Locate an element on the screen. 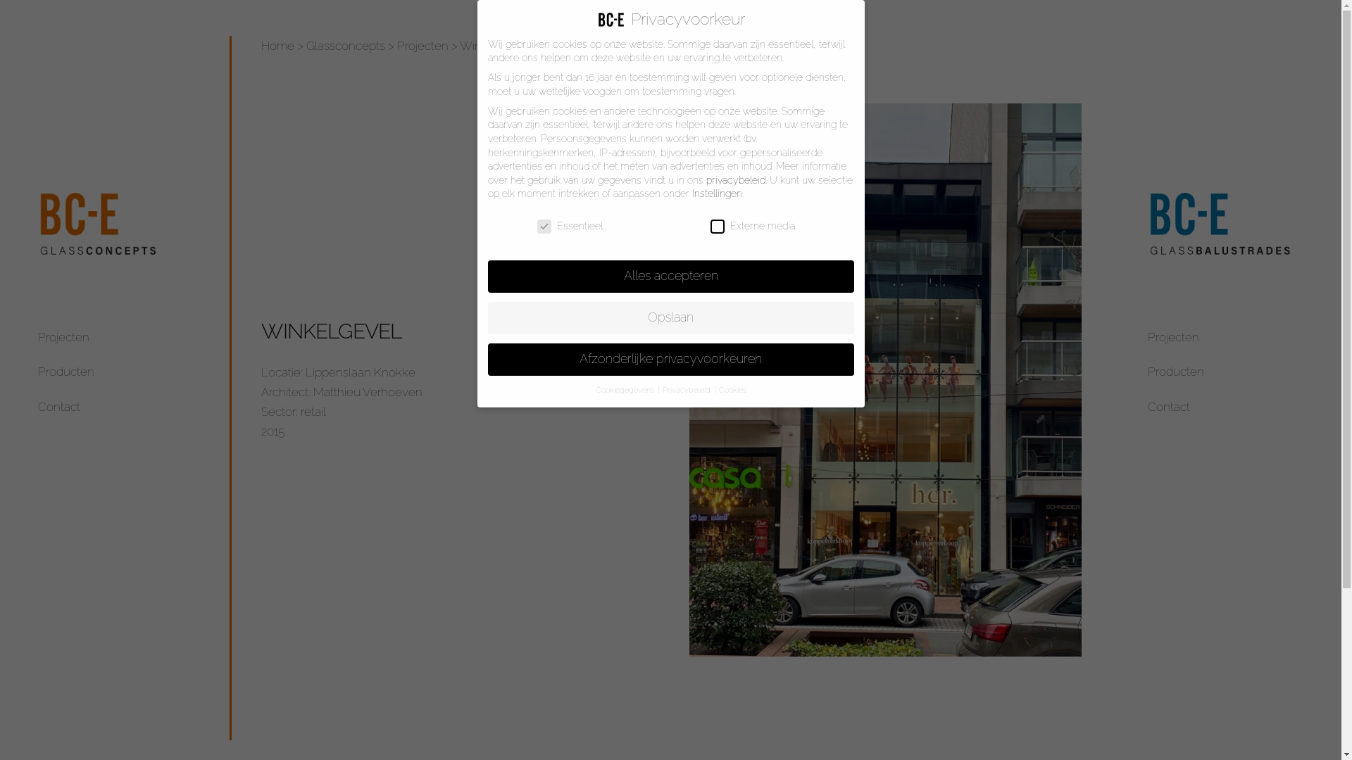 The height and width of the screenshot is (760, 1352). 'Cookies' is located at coordinates (718, 390).